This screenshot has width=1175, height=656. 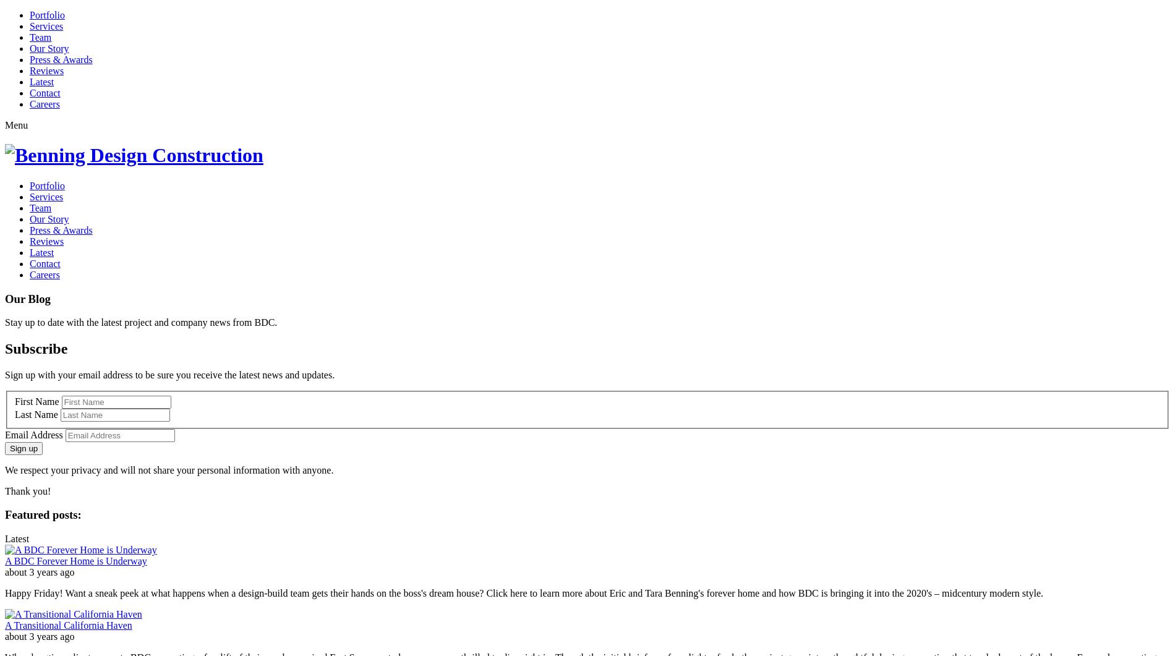 I want to click on 'Sign up', so click(x=9, y=448).